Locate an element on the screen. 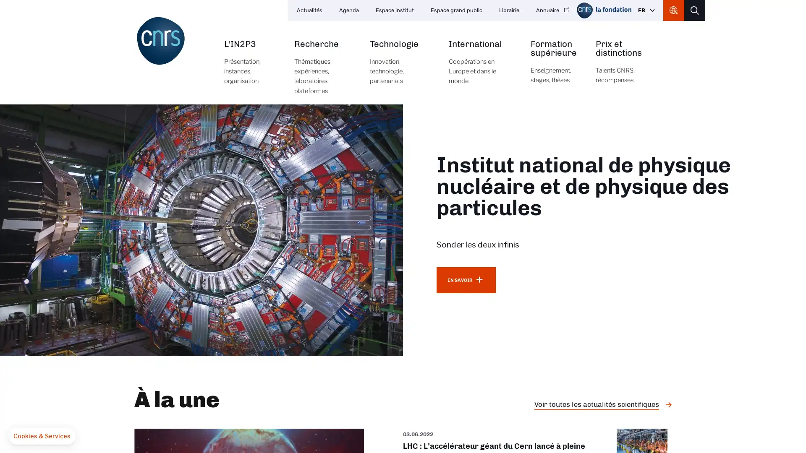 This screenshot has width=806, height=453. Consentements certifies par is located at coordinates (96, 396).